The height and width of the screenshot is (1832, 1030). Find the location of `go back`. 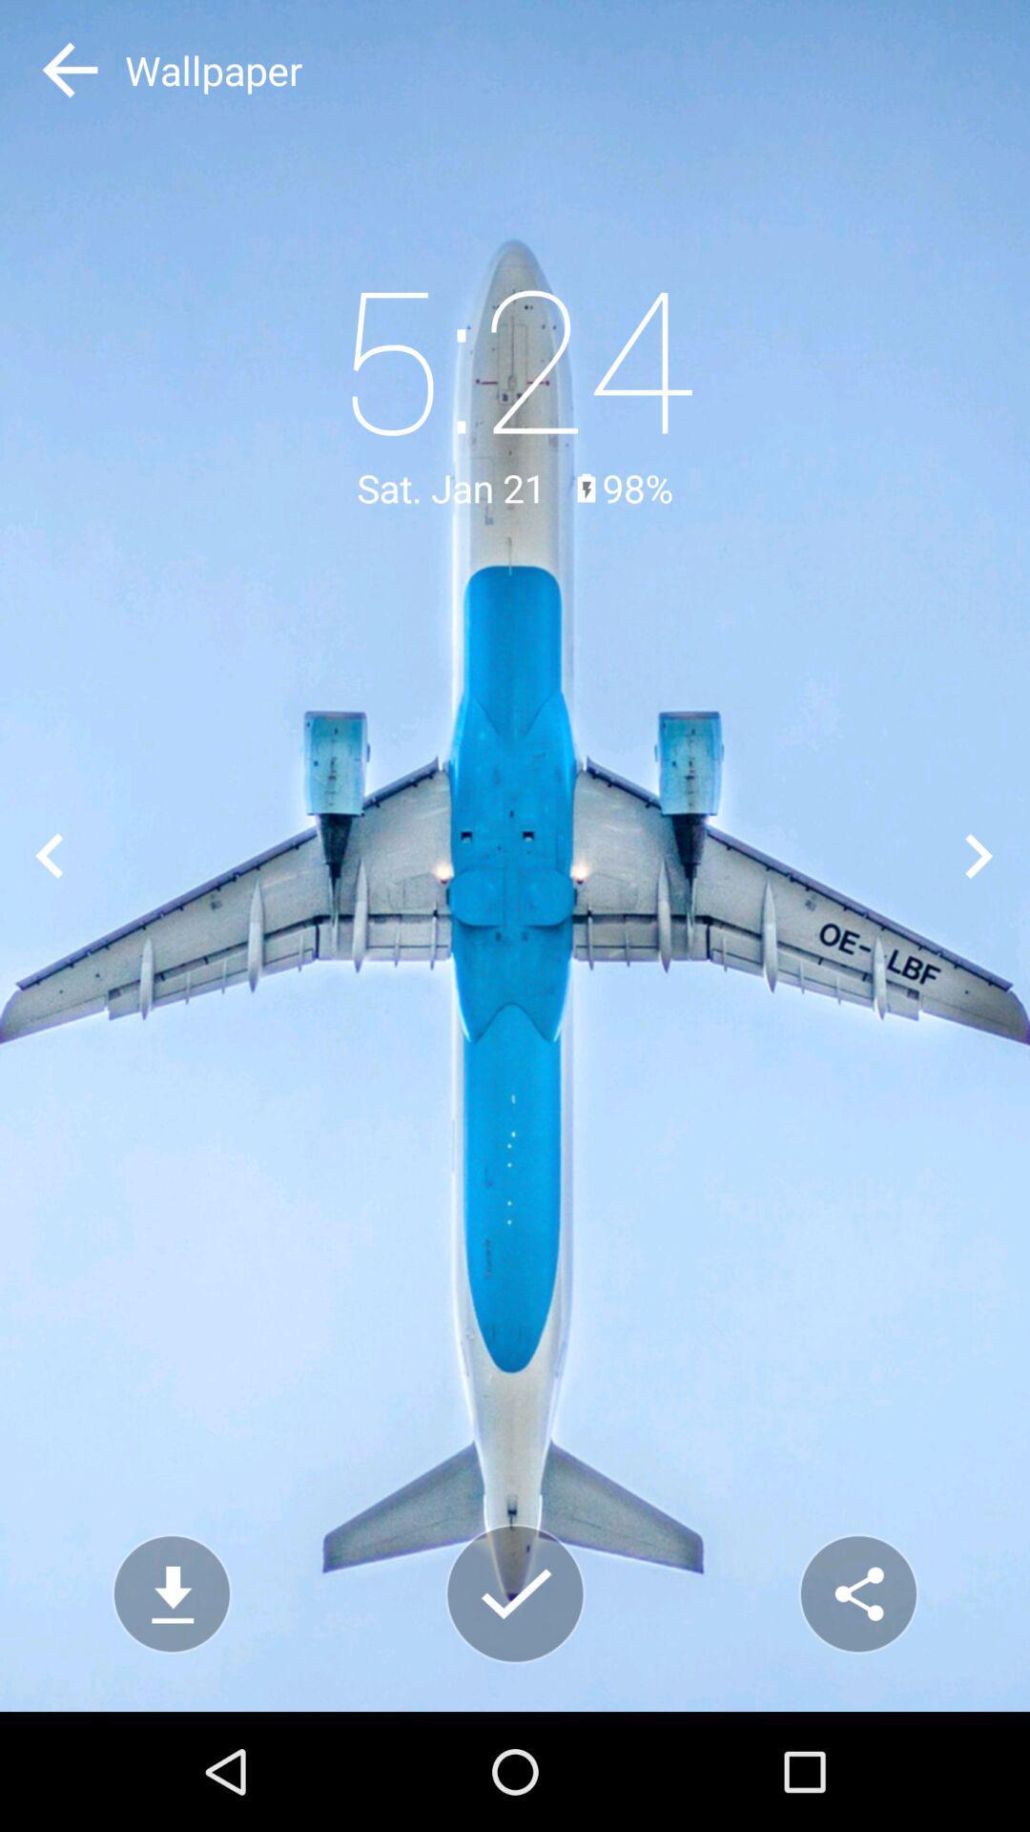

go back is located at coordinates (49, 855).